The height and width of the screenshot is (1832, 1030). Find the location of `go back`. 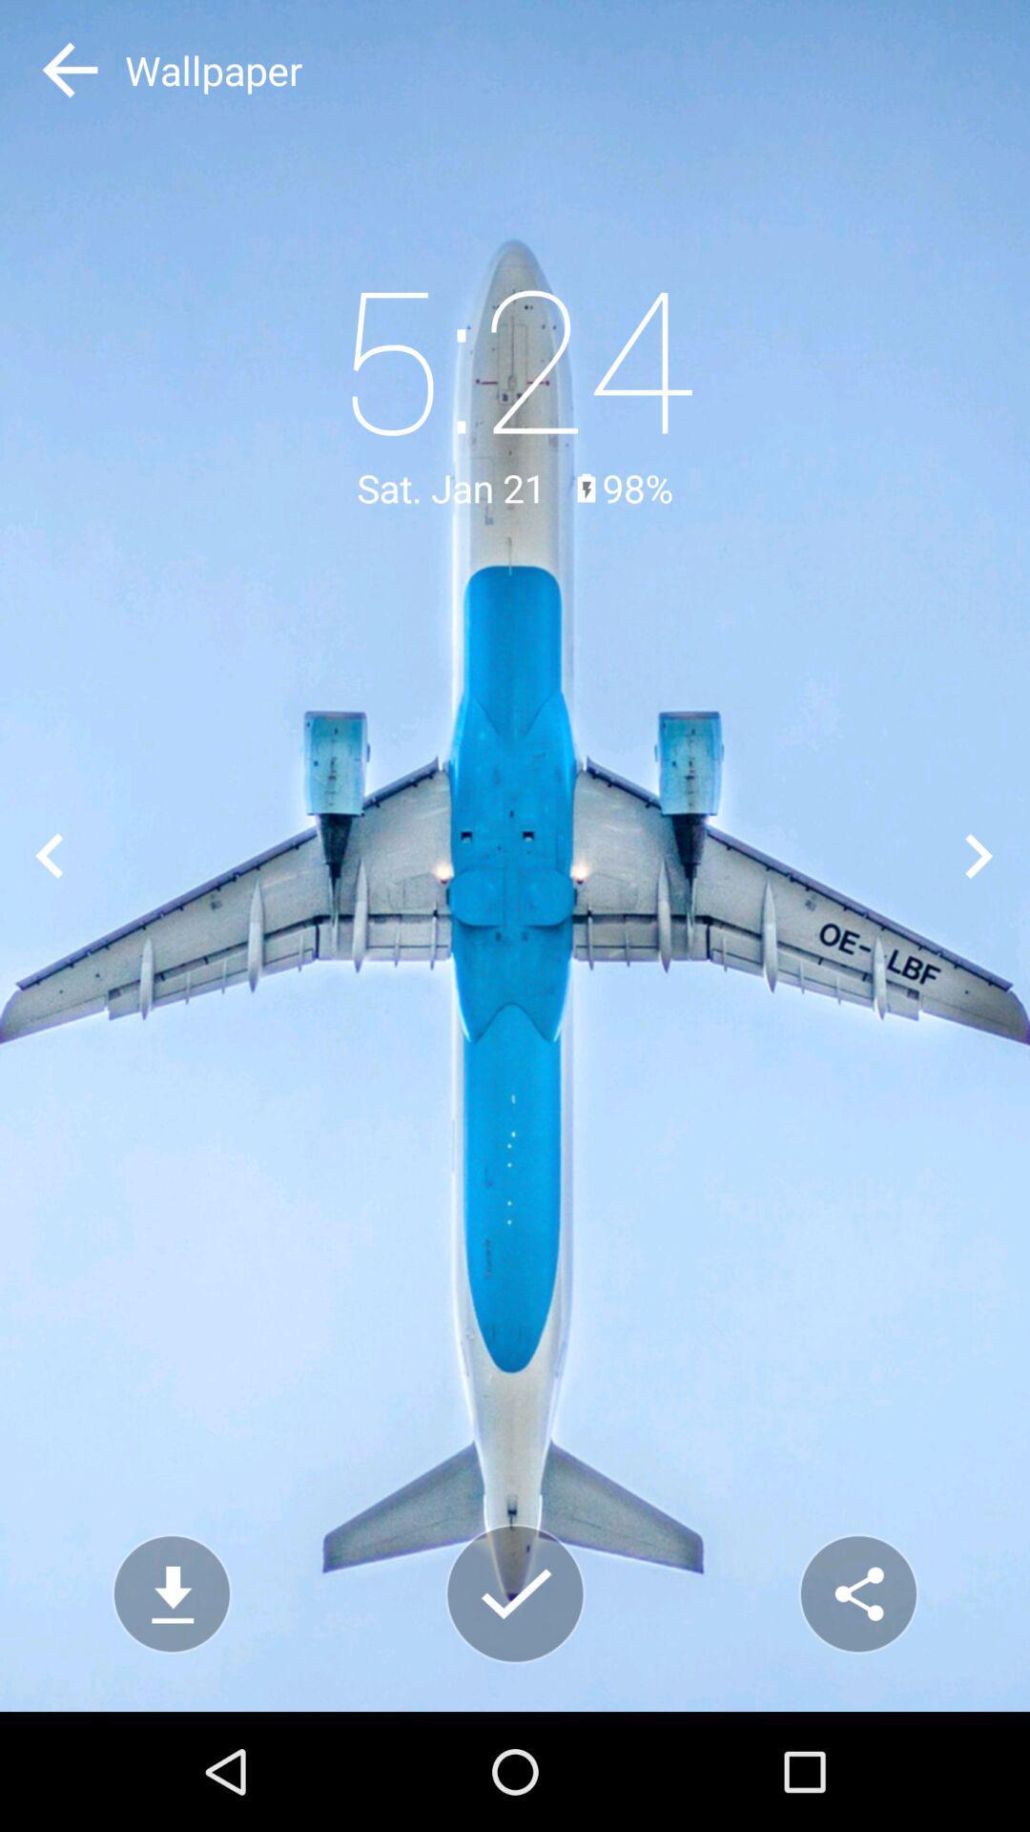

go back is located at coordinates (49, 855).